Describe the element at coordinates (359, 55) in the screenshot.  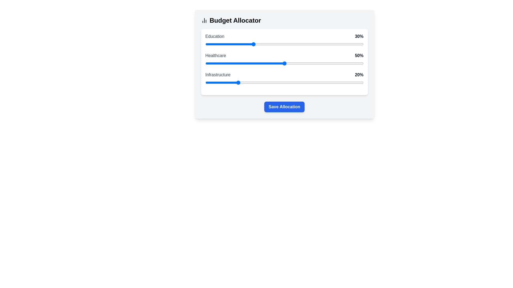
I see `the text display showing '50%' that is styled in bold and positioned to the right of the 'Healthcare' label, aligned with the healthcare allocation slider bar` at that location.